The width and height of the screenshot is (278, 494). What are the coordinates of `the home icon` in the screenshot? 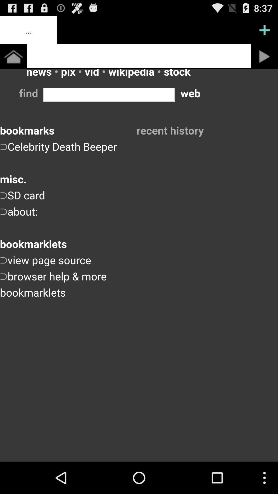 It's located at (13, 60).